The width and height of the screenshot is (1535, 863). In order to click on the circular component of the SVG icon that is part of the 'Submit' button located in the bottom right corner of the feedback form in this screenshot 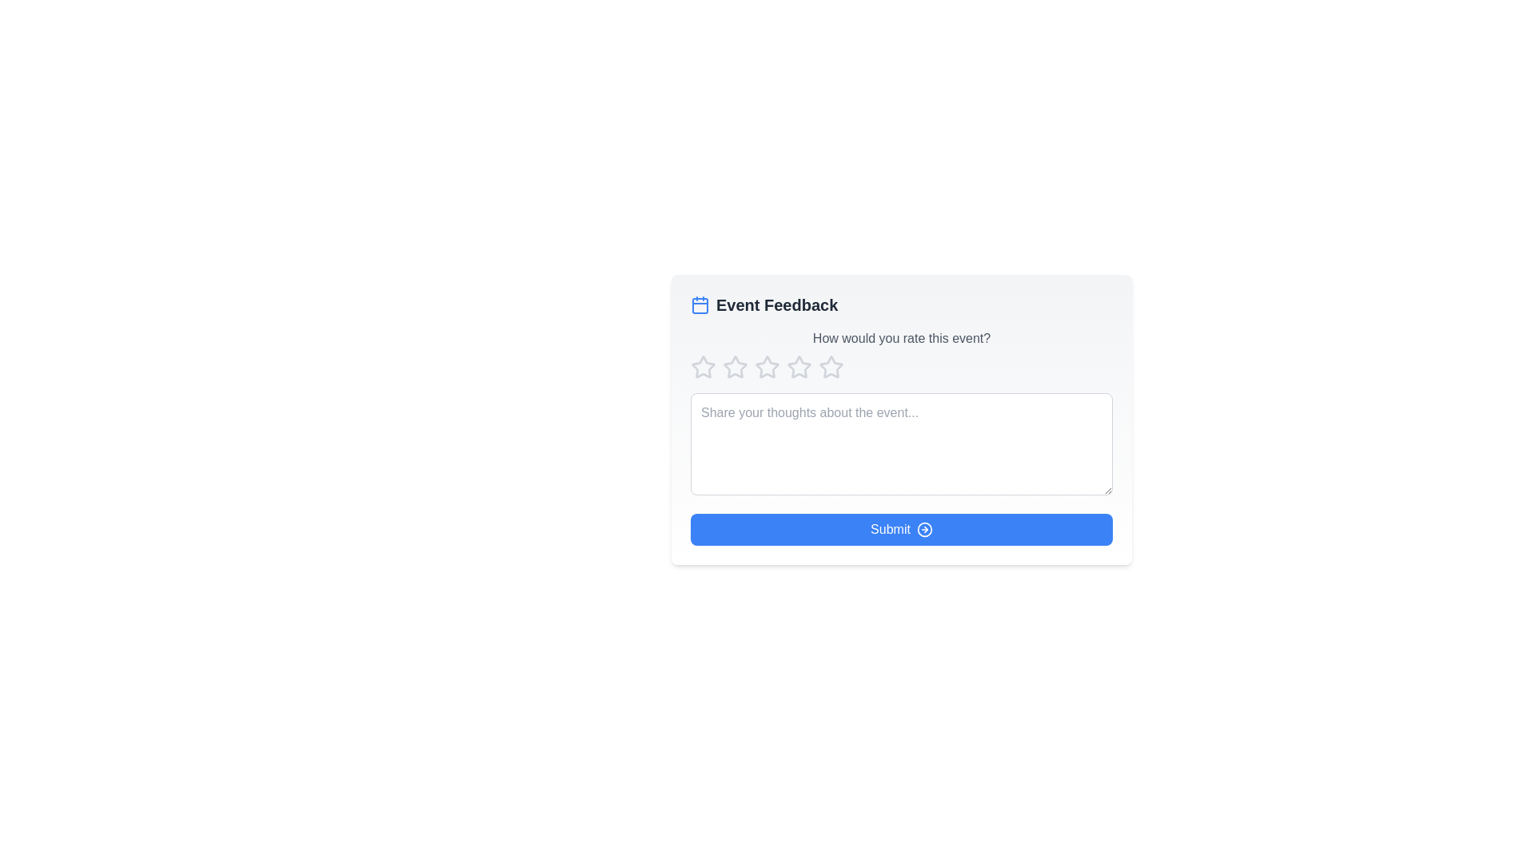, I will do `click(924, 530)`.